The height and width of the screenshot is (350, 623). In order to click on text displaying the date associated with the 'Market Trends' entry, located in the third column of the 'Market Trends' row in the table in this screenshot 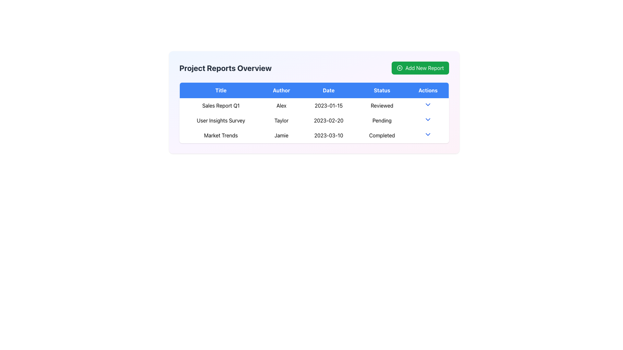, I will do `click(328, 135)`.